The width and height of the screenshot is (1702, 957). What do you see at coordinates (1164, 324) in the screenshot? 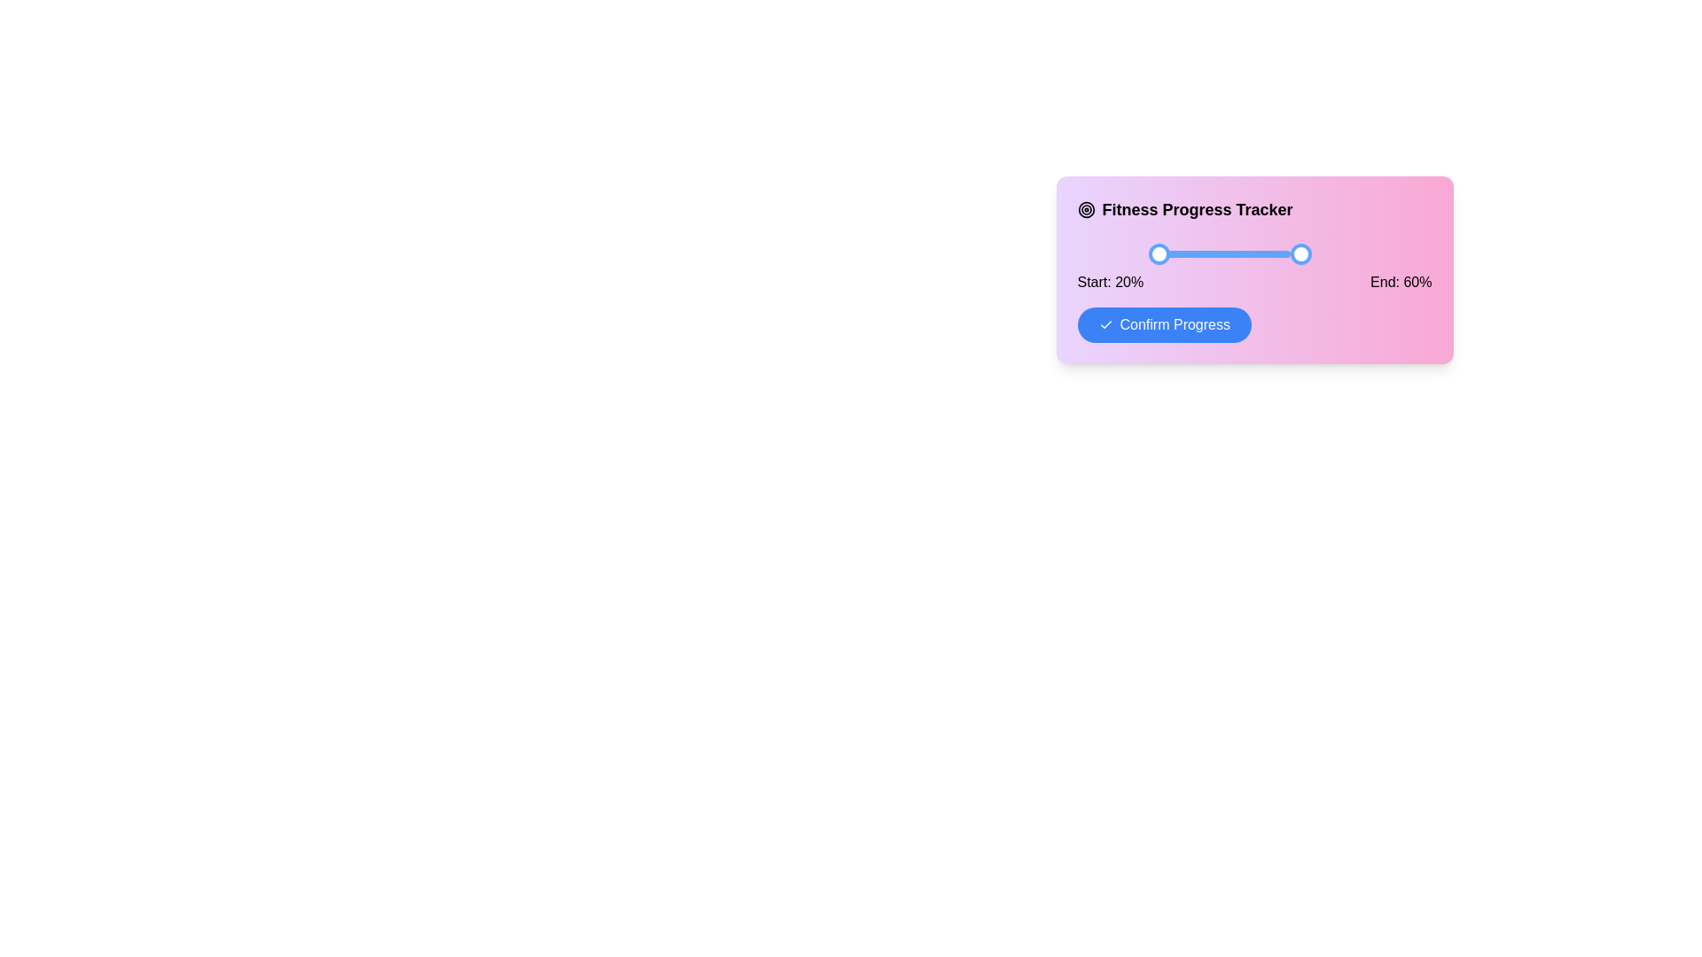
I see `the confirmation button located at the bottom of the progress tracking card` at bounding box center [1164, 324].